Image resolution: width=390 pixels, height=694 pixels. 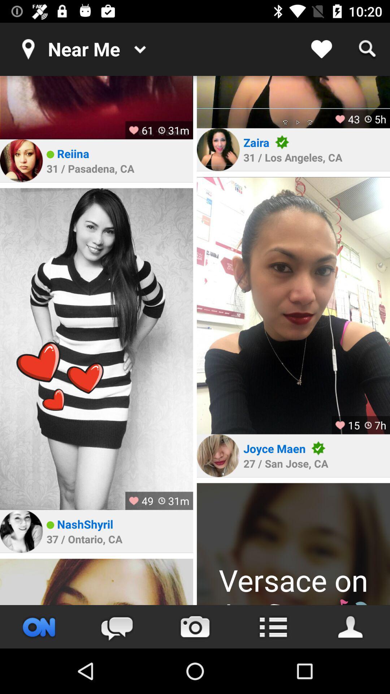 I want to click on see your profile, so click(x=351, y=626).